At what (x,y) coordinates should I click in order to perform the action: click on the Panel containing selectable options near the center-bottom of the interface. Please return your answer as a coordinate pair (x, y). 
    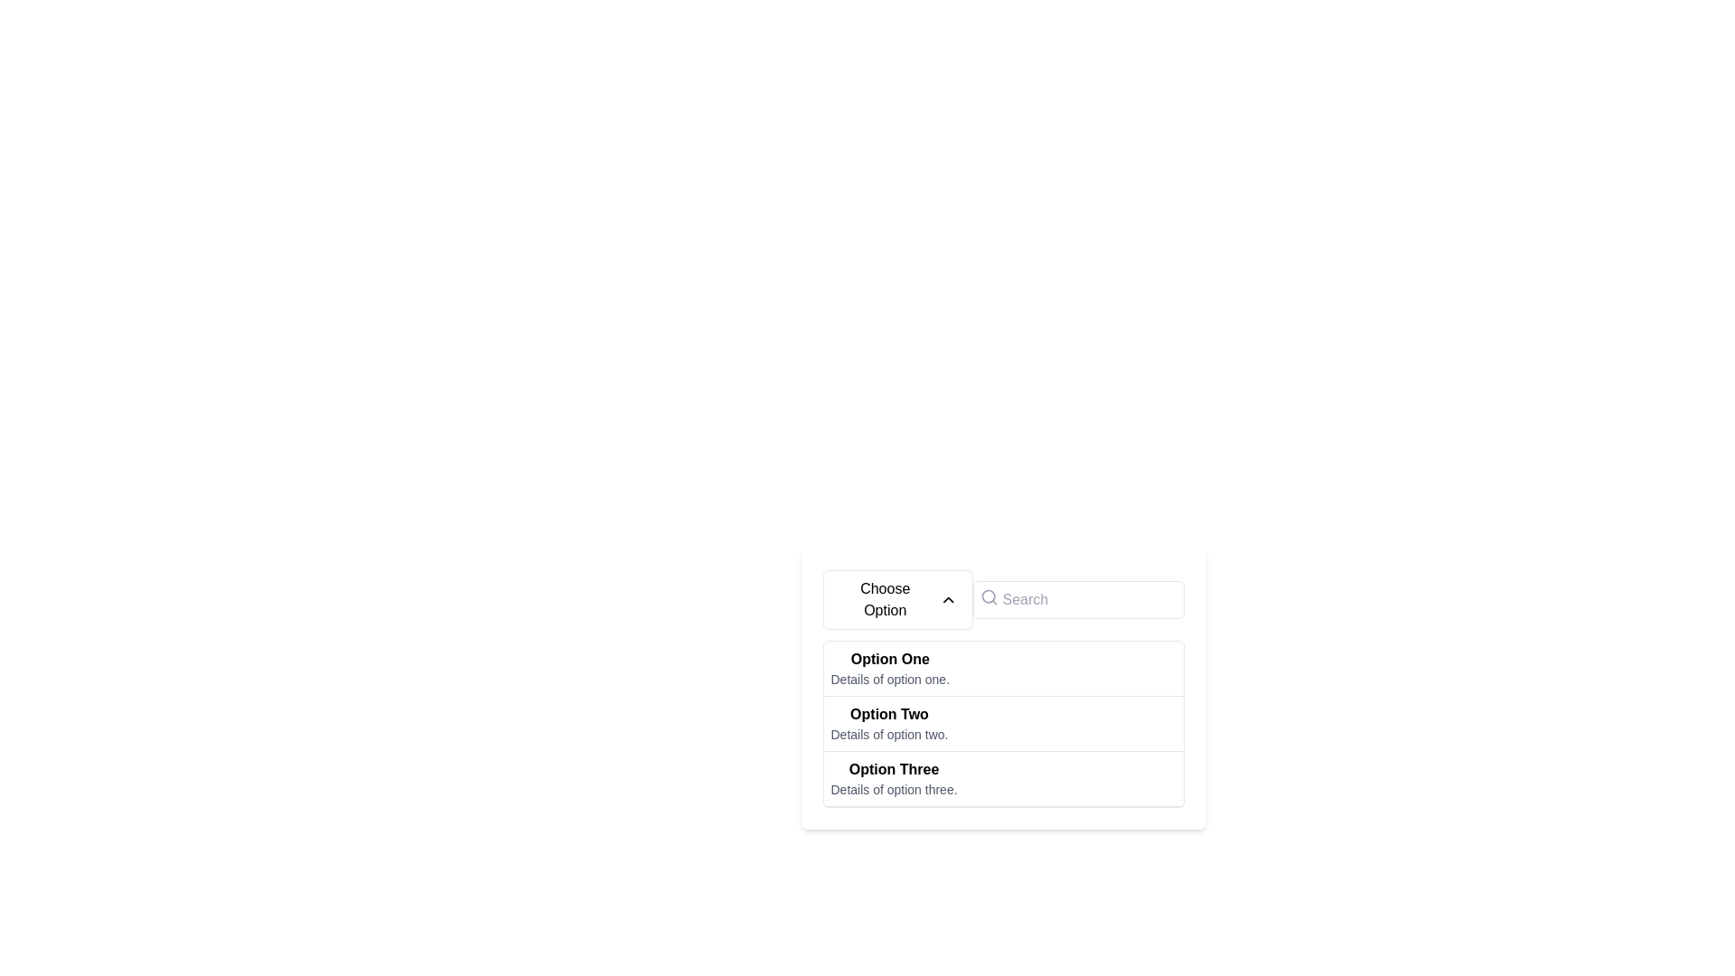
    Looking at the image, I should click on (1002, 712).